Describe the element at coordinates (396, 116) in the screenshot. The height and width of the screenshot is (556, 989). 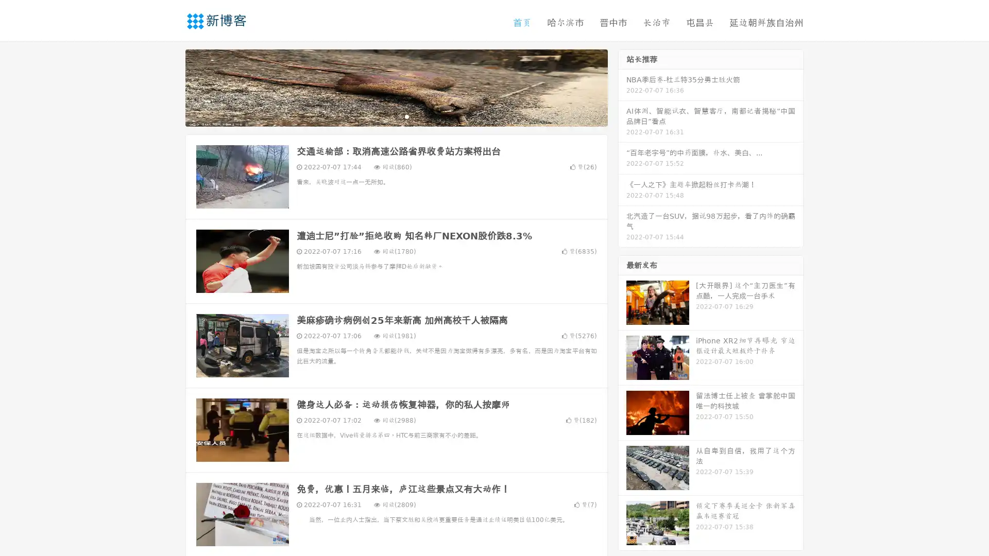
I see `Go to slide 2` at that location.